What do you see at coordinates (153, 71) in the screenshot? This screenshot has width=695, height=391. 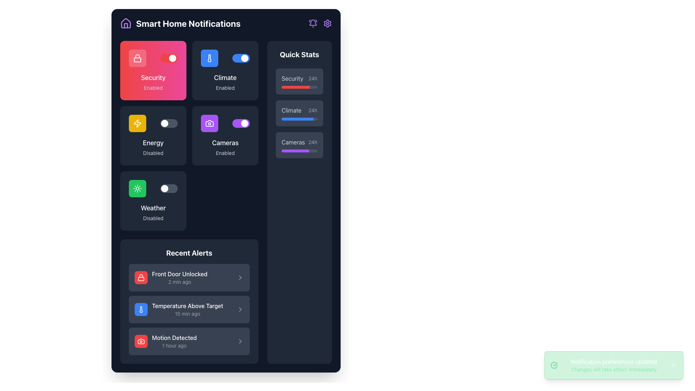 I see `the interactive security status card with a toggle switch located in the top-left corner of the grid layout to interact with its elements` at bounding box center [153, 71].